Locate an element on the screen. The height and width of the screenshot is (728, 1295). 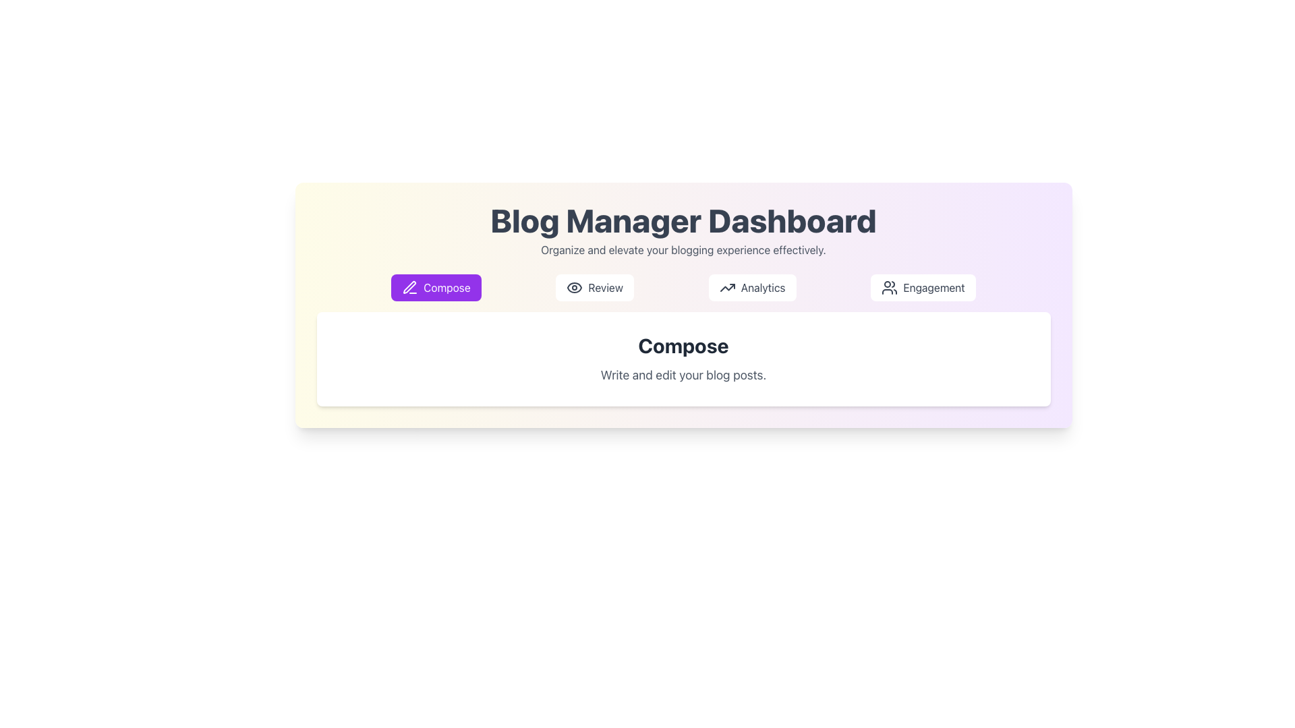
the pen icon on the purple 'Compose' button for accessibility support is located at coordinates (409, 287).